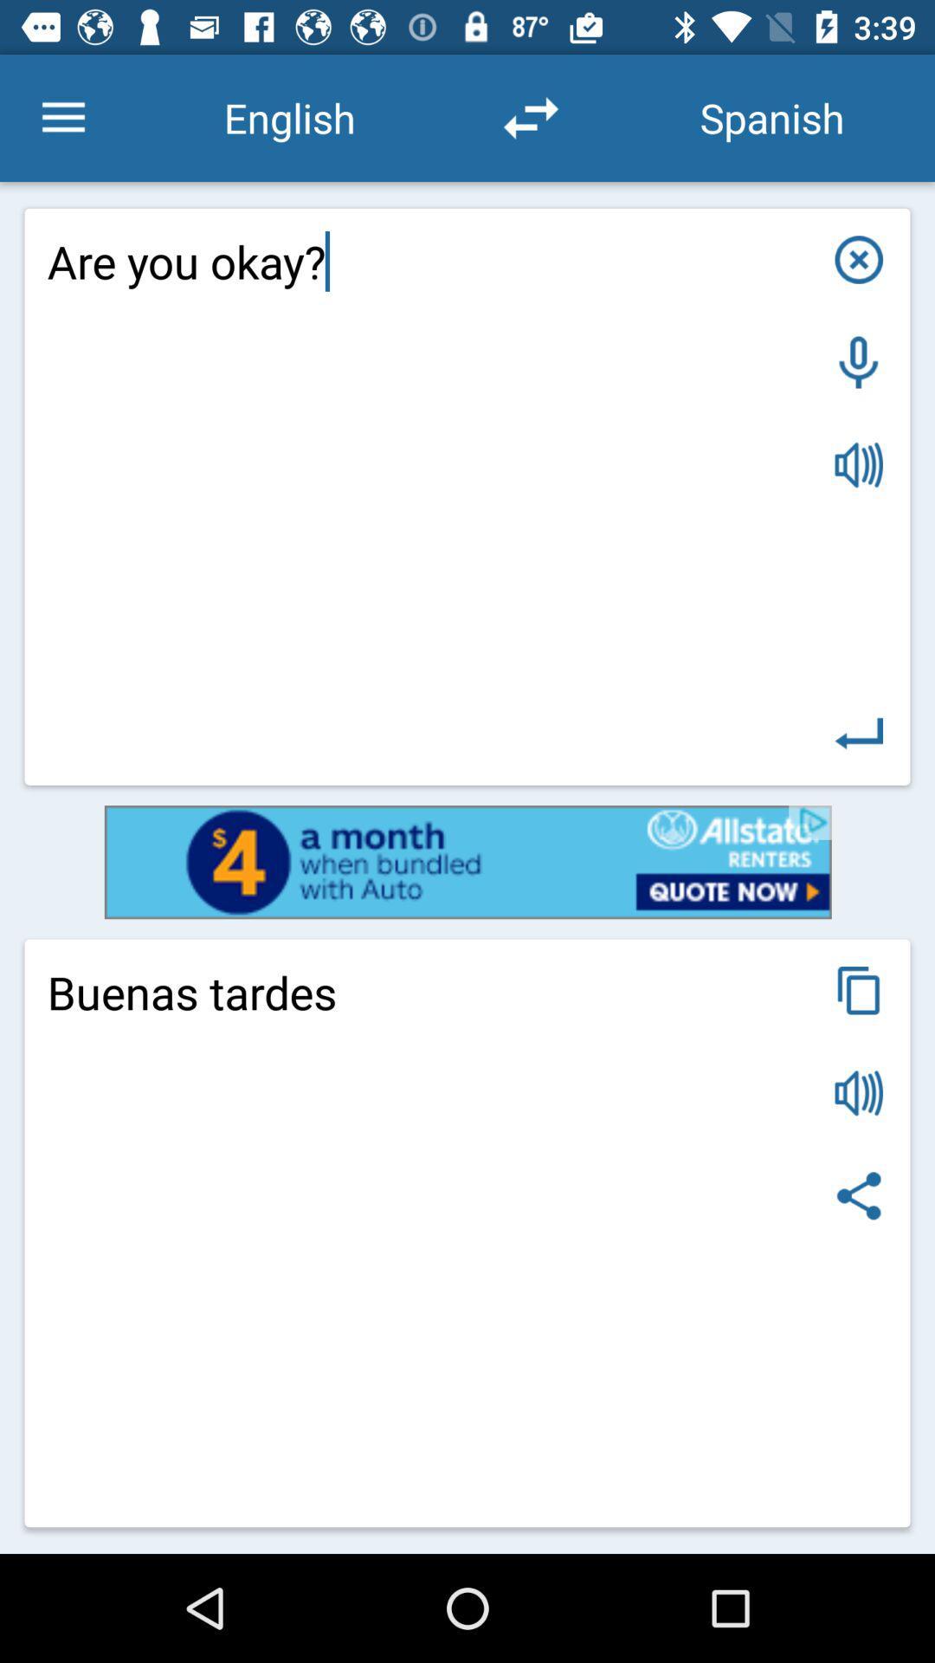 This screenshot has width=935, height=1663. I want to click on back ward, so click(859, 734).